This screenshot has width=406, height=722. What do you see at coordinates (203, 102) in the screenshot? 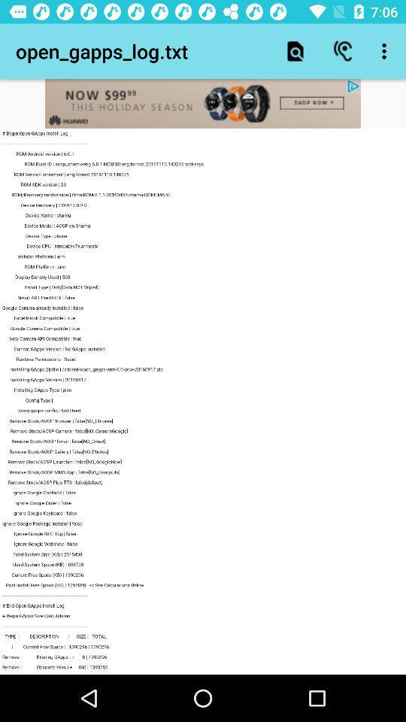
I see `advertisement website` at bounding box center [203, 102].